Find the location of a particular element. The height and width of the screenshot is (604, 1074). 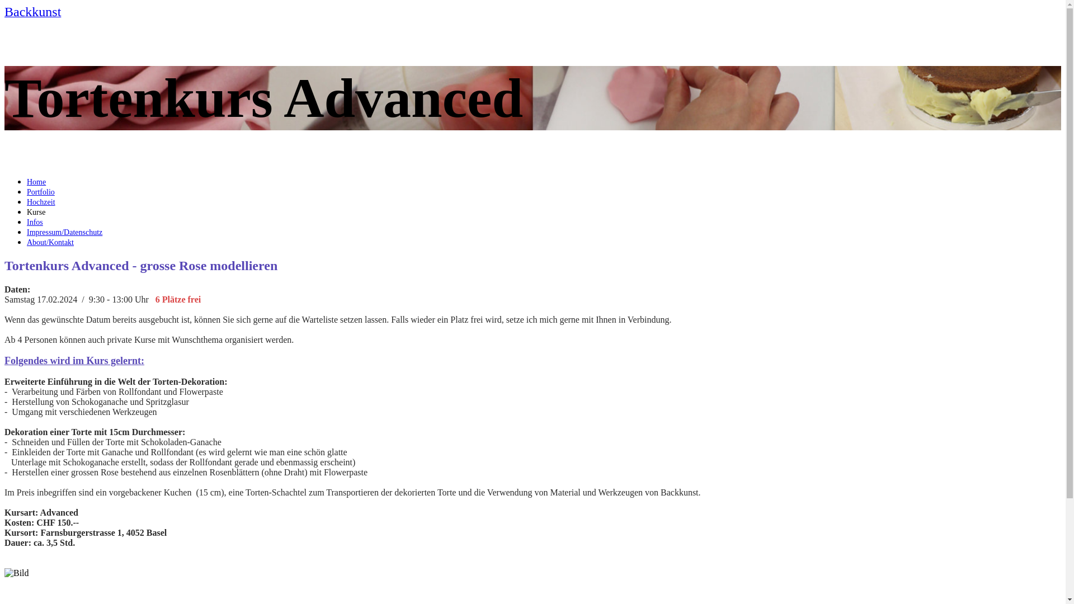

'Backkunst' is located at coordinates (4, 13).